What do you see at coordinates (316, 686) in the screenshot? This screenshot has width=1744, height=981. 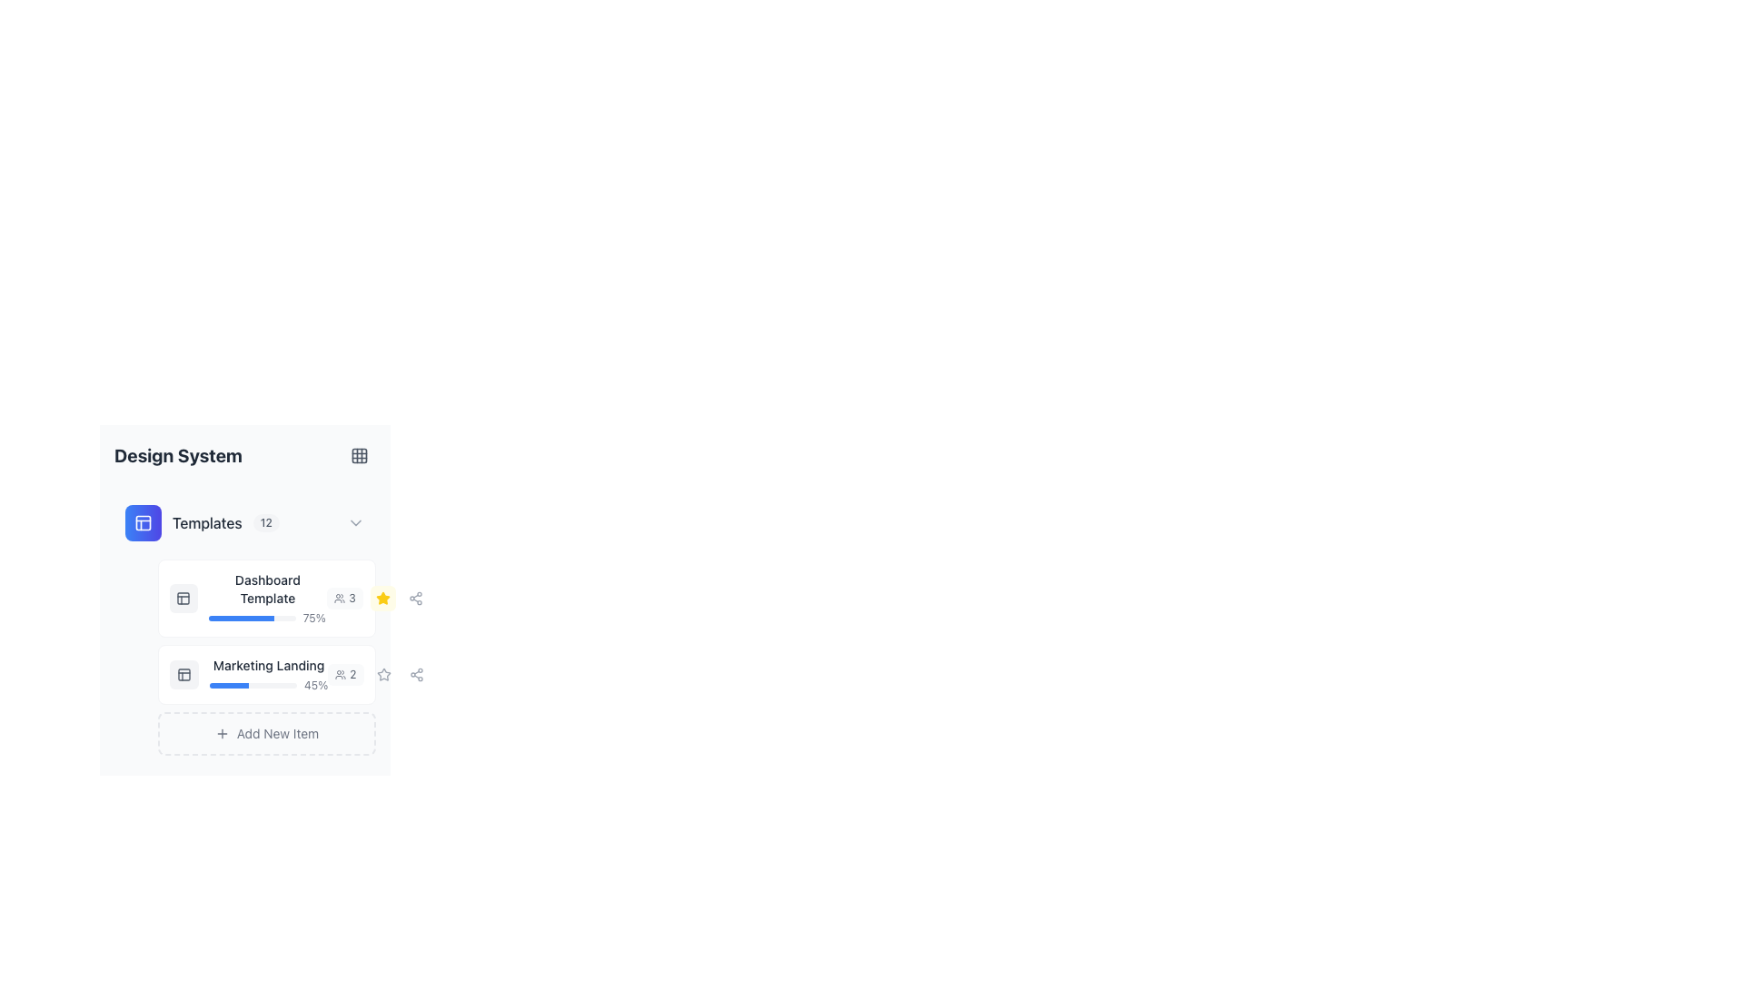 I see `the text label displaying '45%' in a small, gray font, which is positioned to the right of the progress bar` at bounding box center [316, 686].